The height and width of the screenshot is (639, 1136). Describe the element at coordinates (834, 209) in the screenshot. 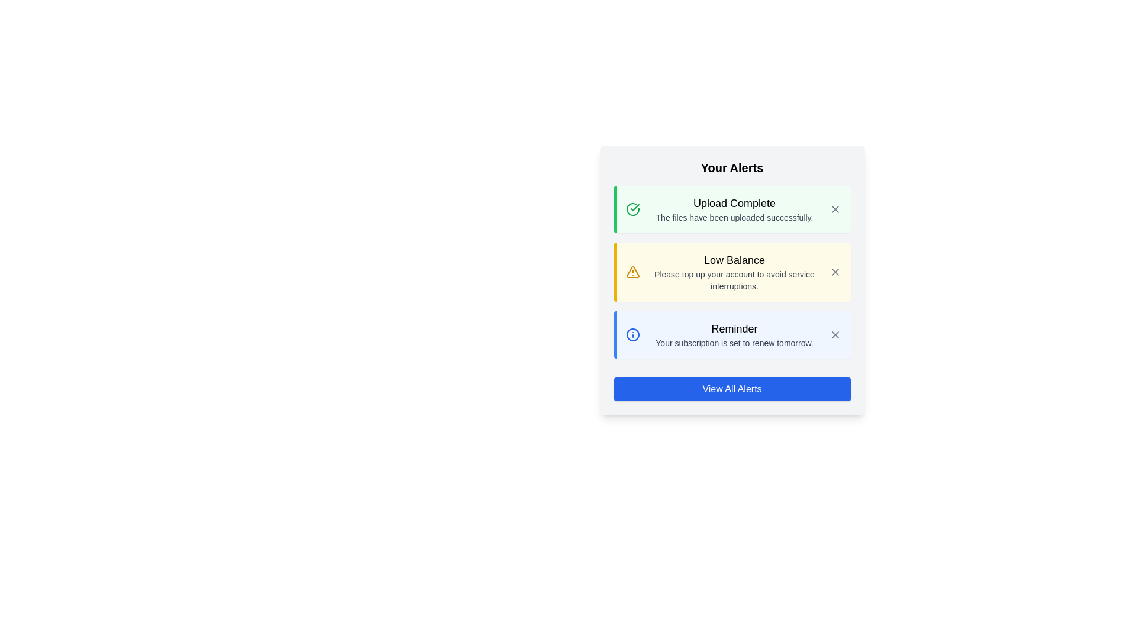

I see `the close button of the 'Upload Complete' notification to change its color indicating interactivity` at that location.